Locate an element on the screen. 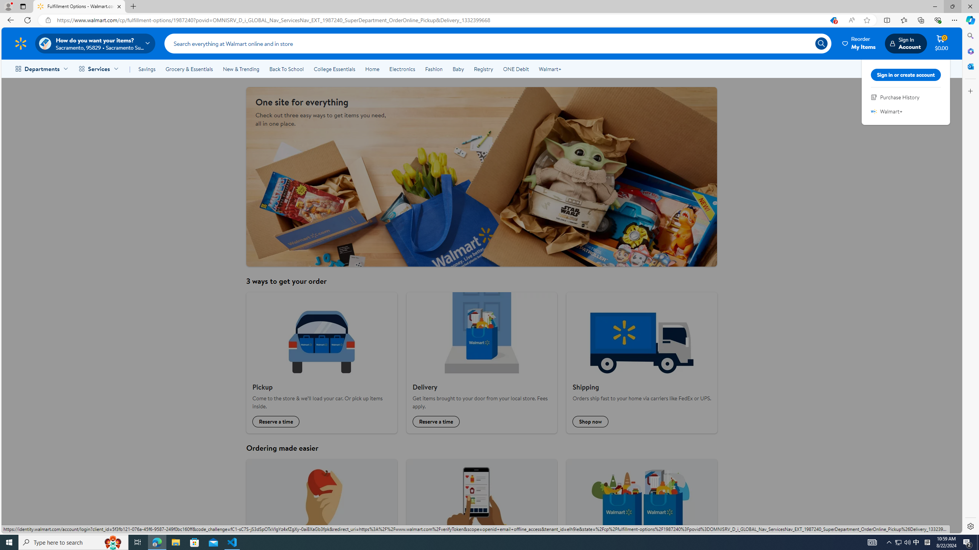  'Side bar' is located at coordinates (970, 281).